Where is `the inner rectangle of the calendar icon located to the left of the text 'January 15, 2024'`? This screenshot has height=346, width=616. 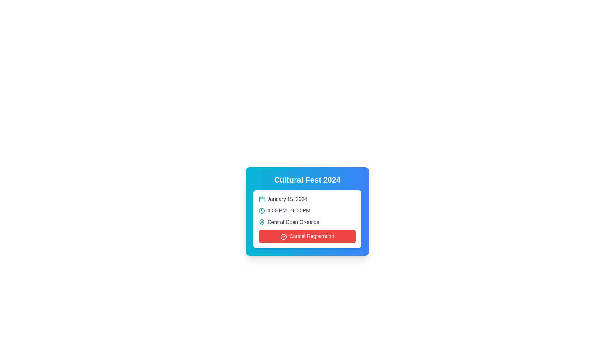
the inner rectangle of the calendar icon located to the left of the text 'January 15, 2024' is located at coordinates (262, 199).